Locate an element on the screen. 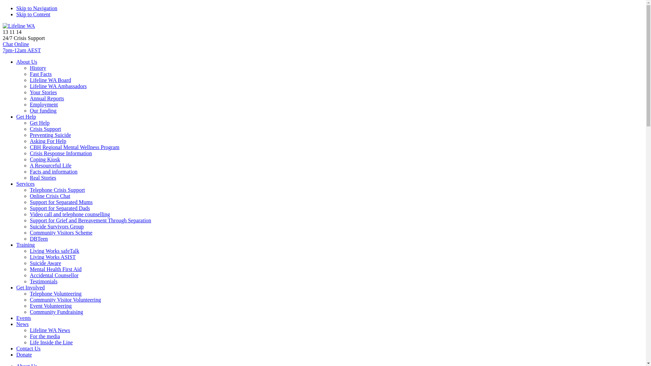 This screenshot has width=651, height=366. 'Community Visitor Volunteering' is located at coordinates (29, 299).